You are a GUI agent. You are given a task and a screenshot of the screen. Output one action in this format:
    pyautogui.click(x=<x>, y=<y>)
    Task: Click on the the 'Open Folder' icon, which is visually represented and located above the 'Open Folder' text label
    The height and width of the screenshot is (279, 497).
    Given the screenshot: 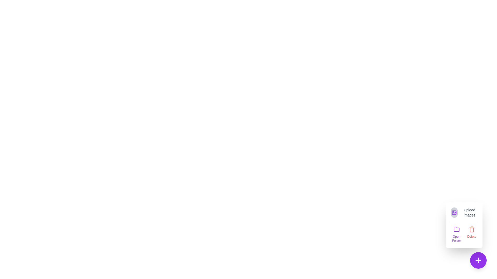 What is the action you would take?
    pyautogui.click(x=456, y=229)
    